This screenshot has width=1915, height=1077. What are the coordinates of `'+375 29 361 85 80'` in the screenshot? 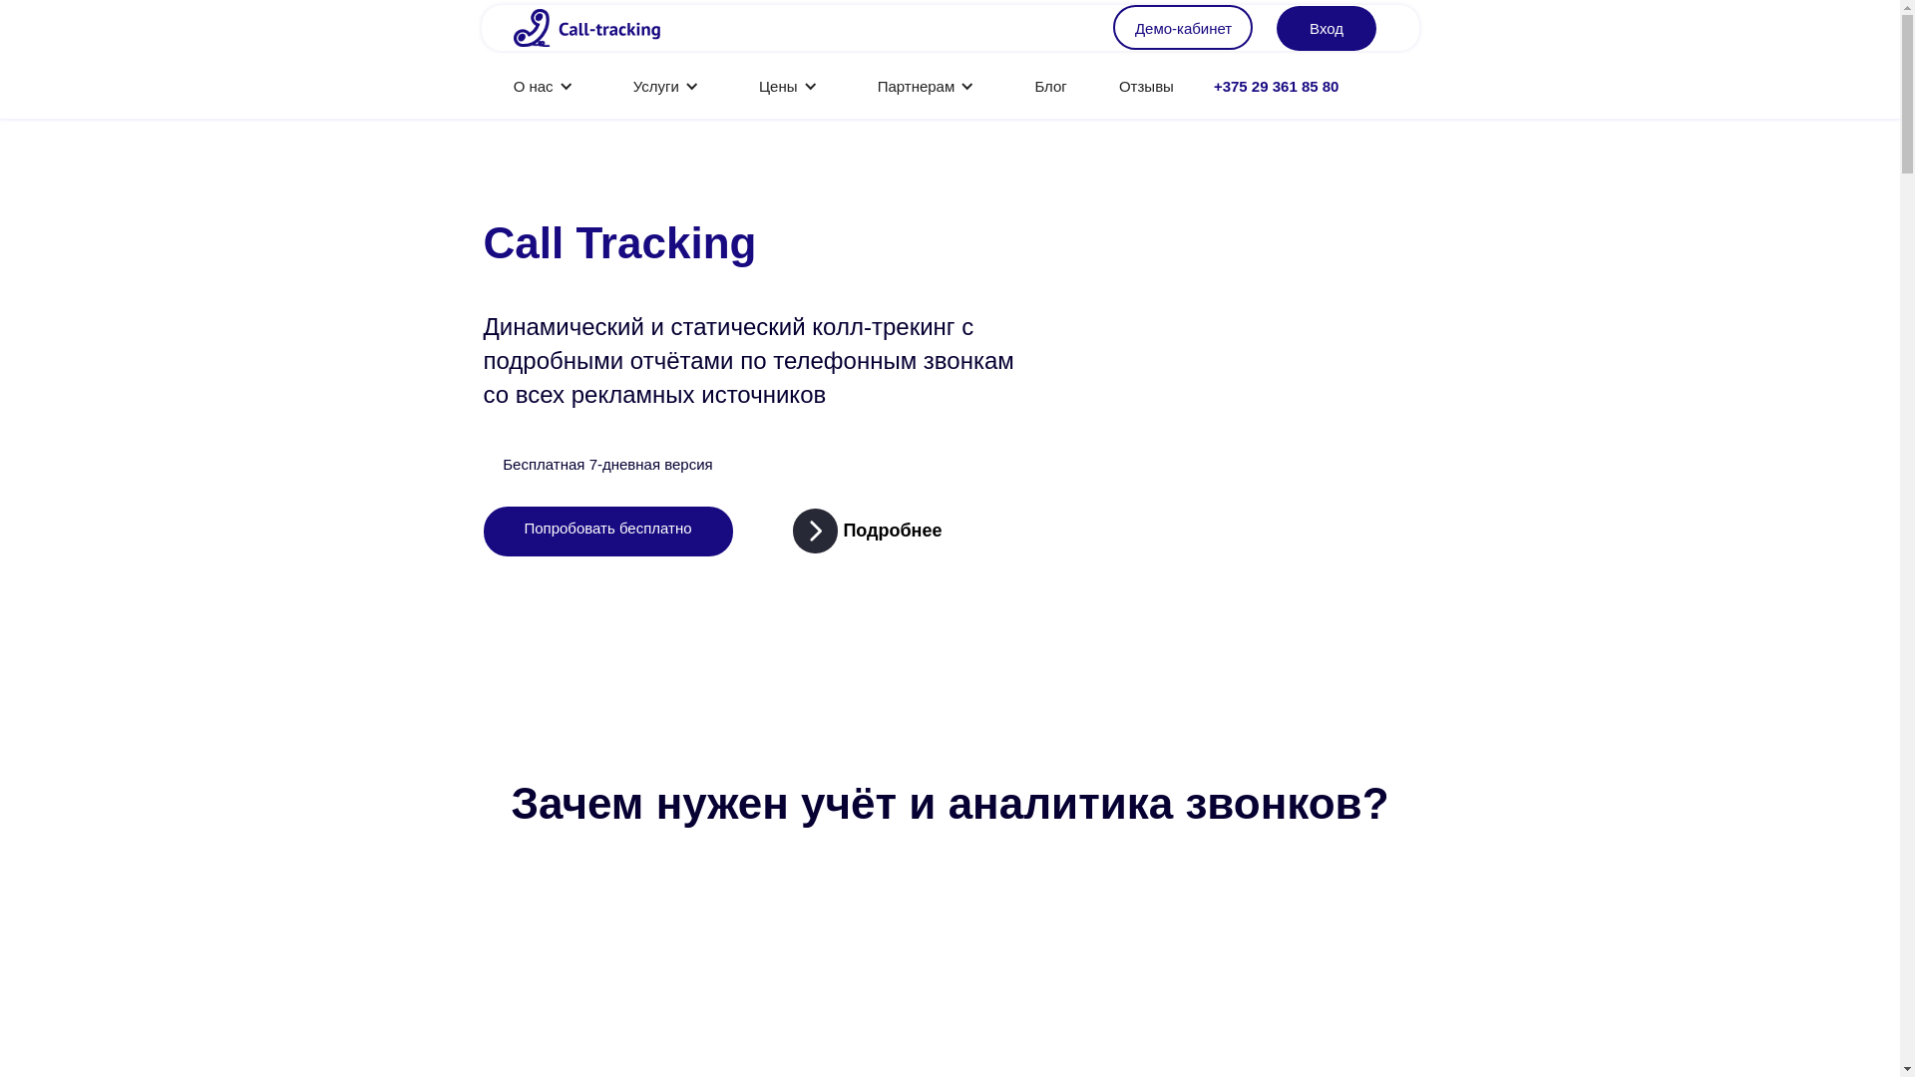 It's located at (1277, 85).